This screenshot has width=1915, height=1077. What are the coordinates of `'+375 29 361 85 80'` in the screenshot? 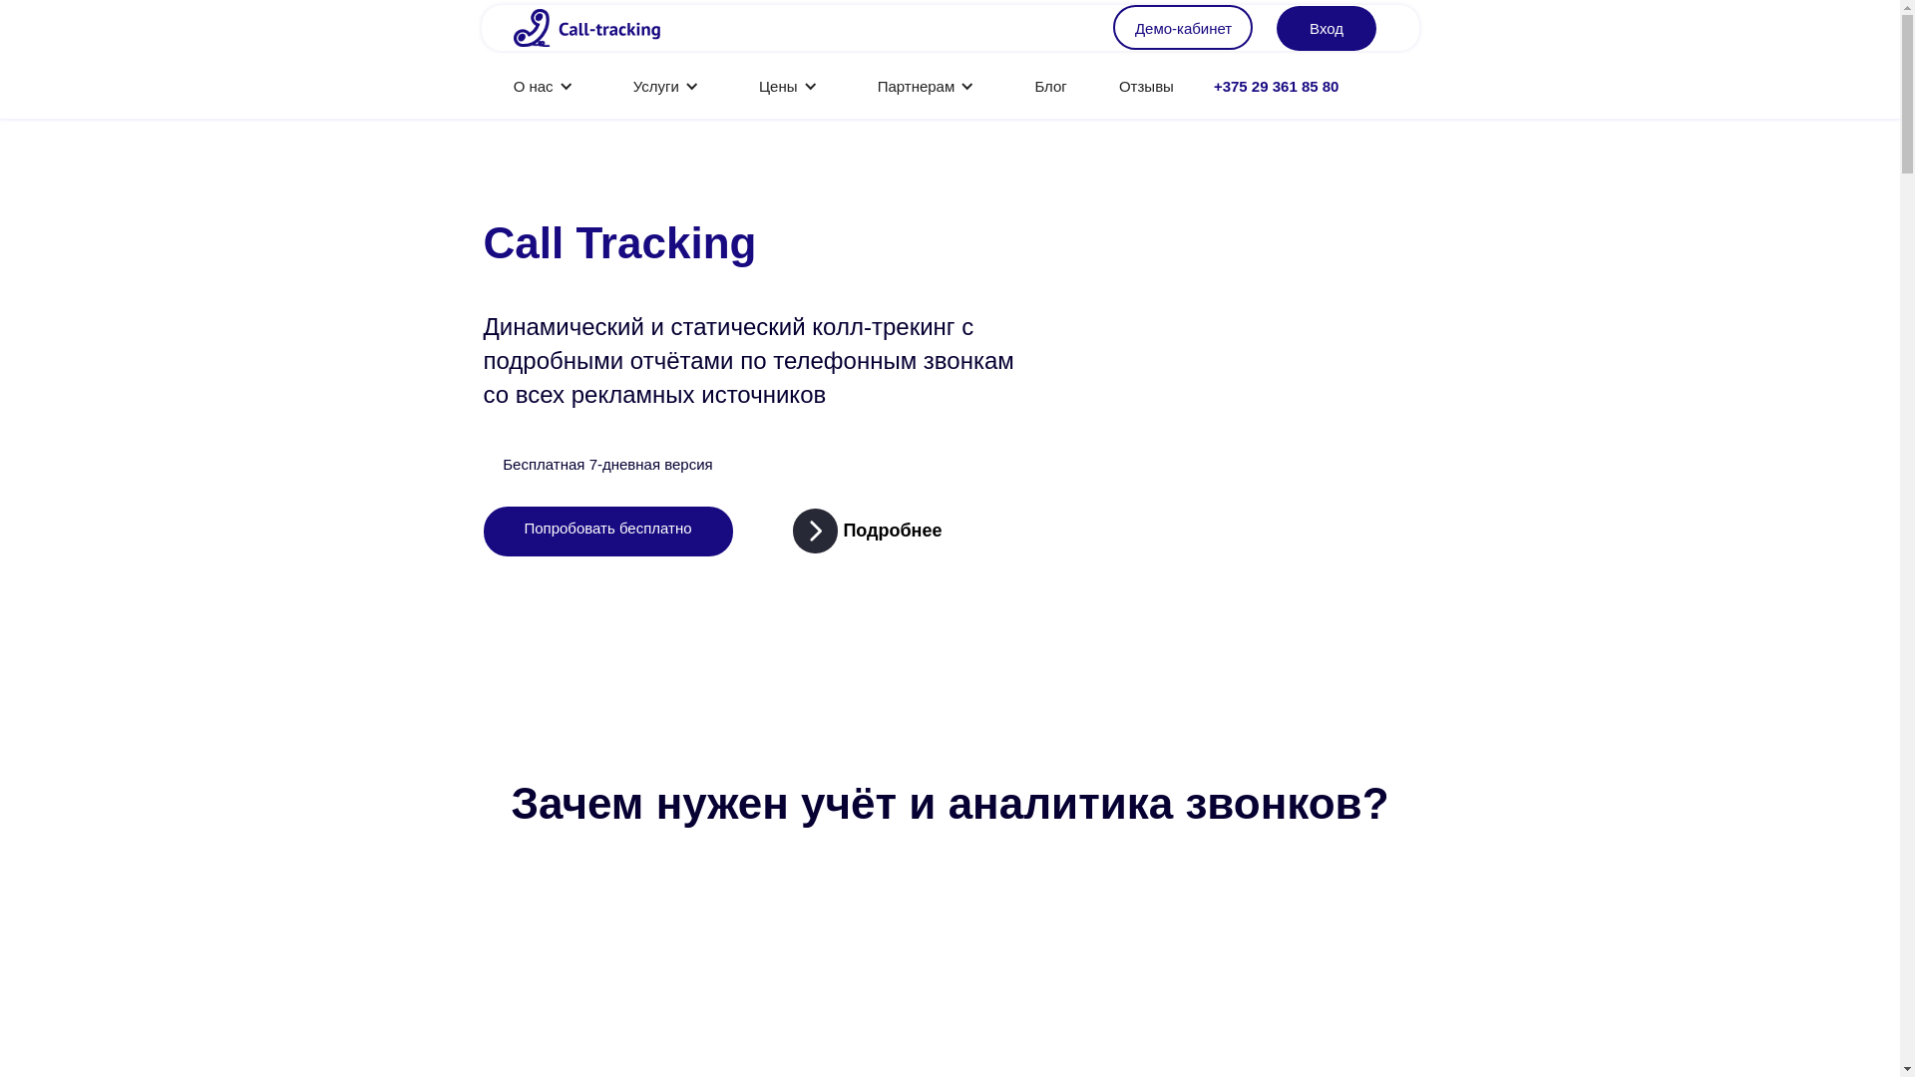 It's located at (1277, 85).